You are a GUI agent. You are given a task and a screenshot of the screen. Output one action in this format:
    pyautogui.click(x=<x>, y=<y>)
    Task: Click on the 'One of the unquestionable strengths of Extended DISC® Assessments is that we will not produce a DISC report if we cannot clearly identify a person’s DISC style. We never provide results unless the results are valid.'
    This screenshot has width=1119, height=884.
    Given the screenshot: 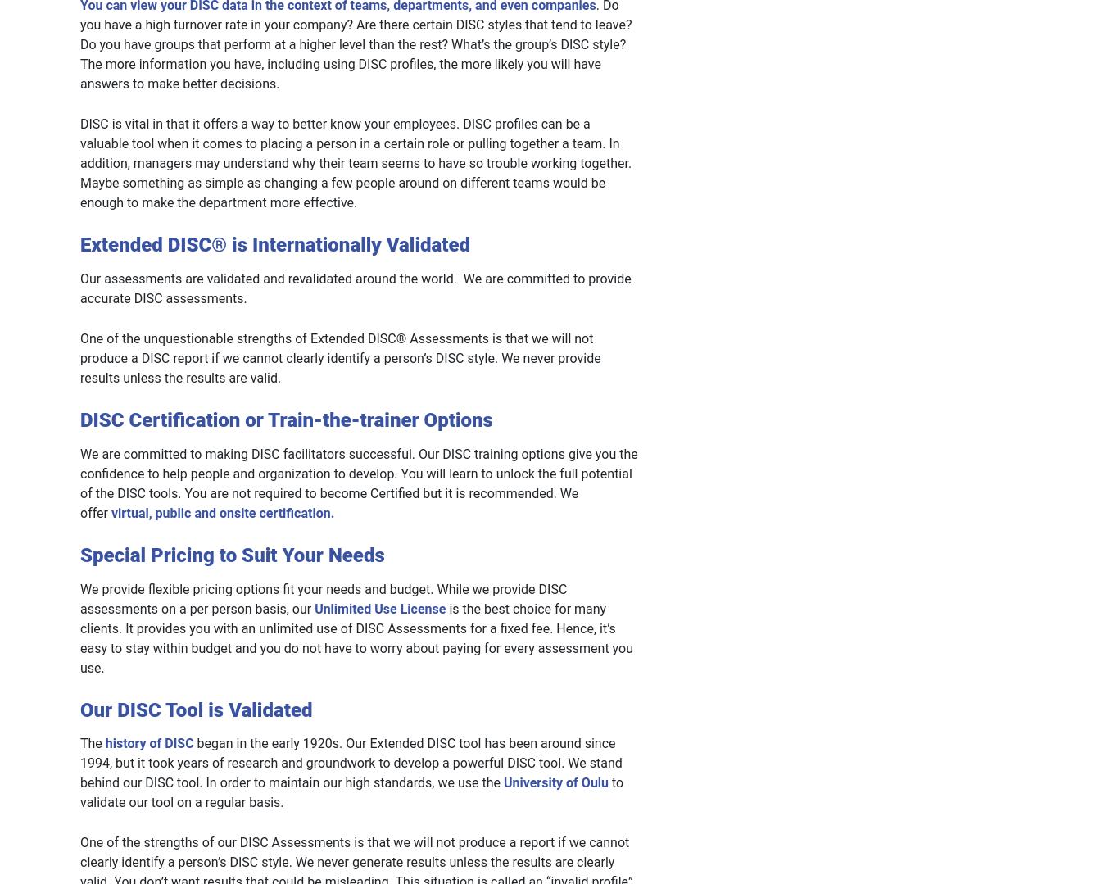 What is the action you would take?
    pyautogui.click(x=339, y=357)
    